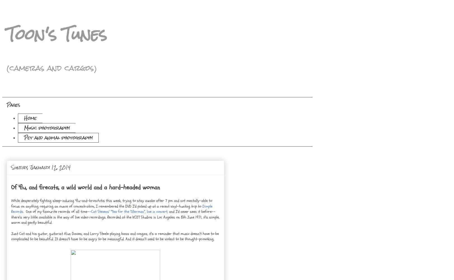  I want to click on 'While desperately fighting sleep-inducing 'flu-and-bronchitis this week, trying to stay awake after 7 pm and not mentally-able to focus on anything requiring an ounce of concentration, I remembered the DVD I'd picked up at a recent vinyl-hunting trip to', so click(112, 203).